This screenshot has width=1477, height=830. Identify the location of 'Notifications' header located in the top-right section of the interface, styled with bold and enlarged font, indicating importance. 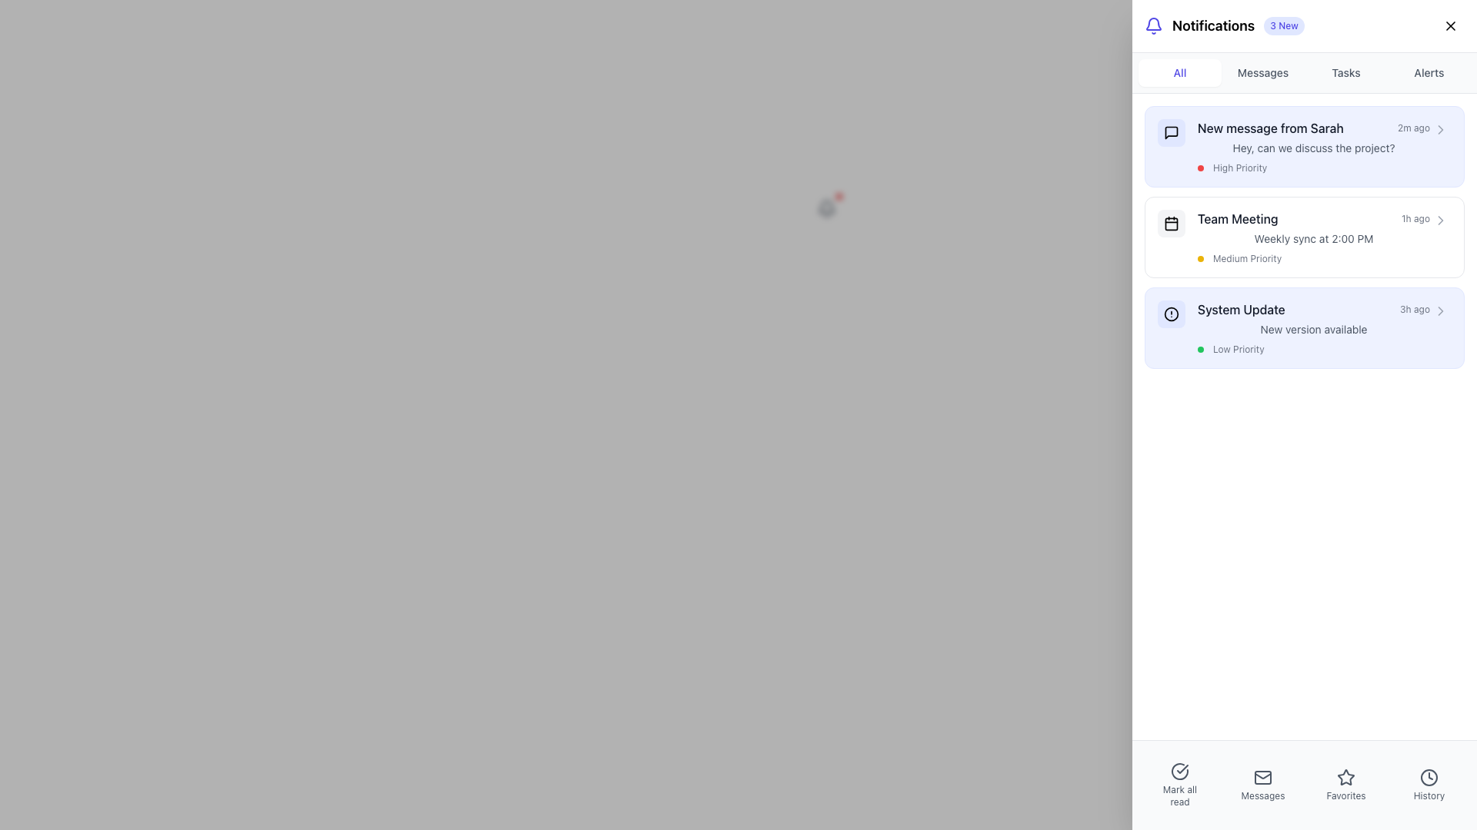
(1212, 26).